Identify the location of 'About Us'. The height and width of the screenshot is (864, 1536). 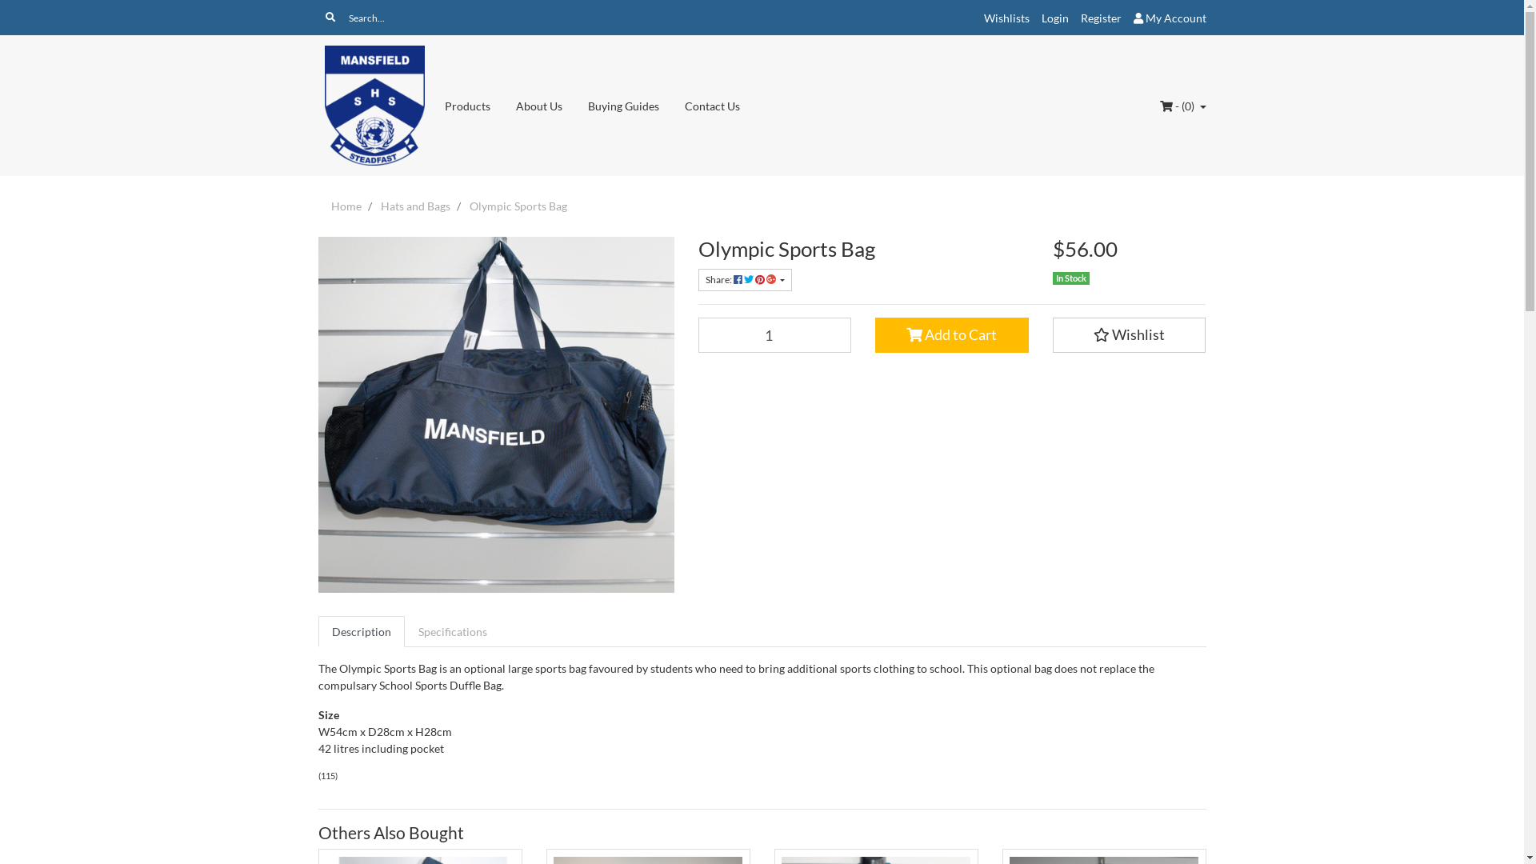
(538, 106).